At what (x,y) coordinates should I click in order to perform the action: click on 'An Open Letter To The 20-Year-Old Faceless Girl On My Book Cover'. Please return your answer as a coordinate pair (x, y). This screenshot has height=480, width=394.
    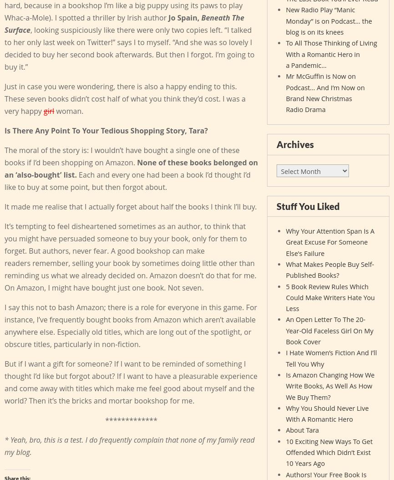
    Looking at the image, I should click on (286, 330).